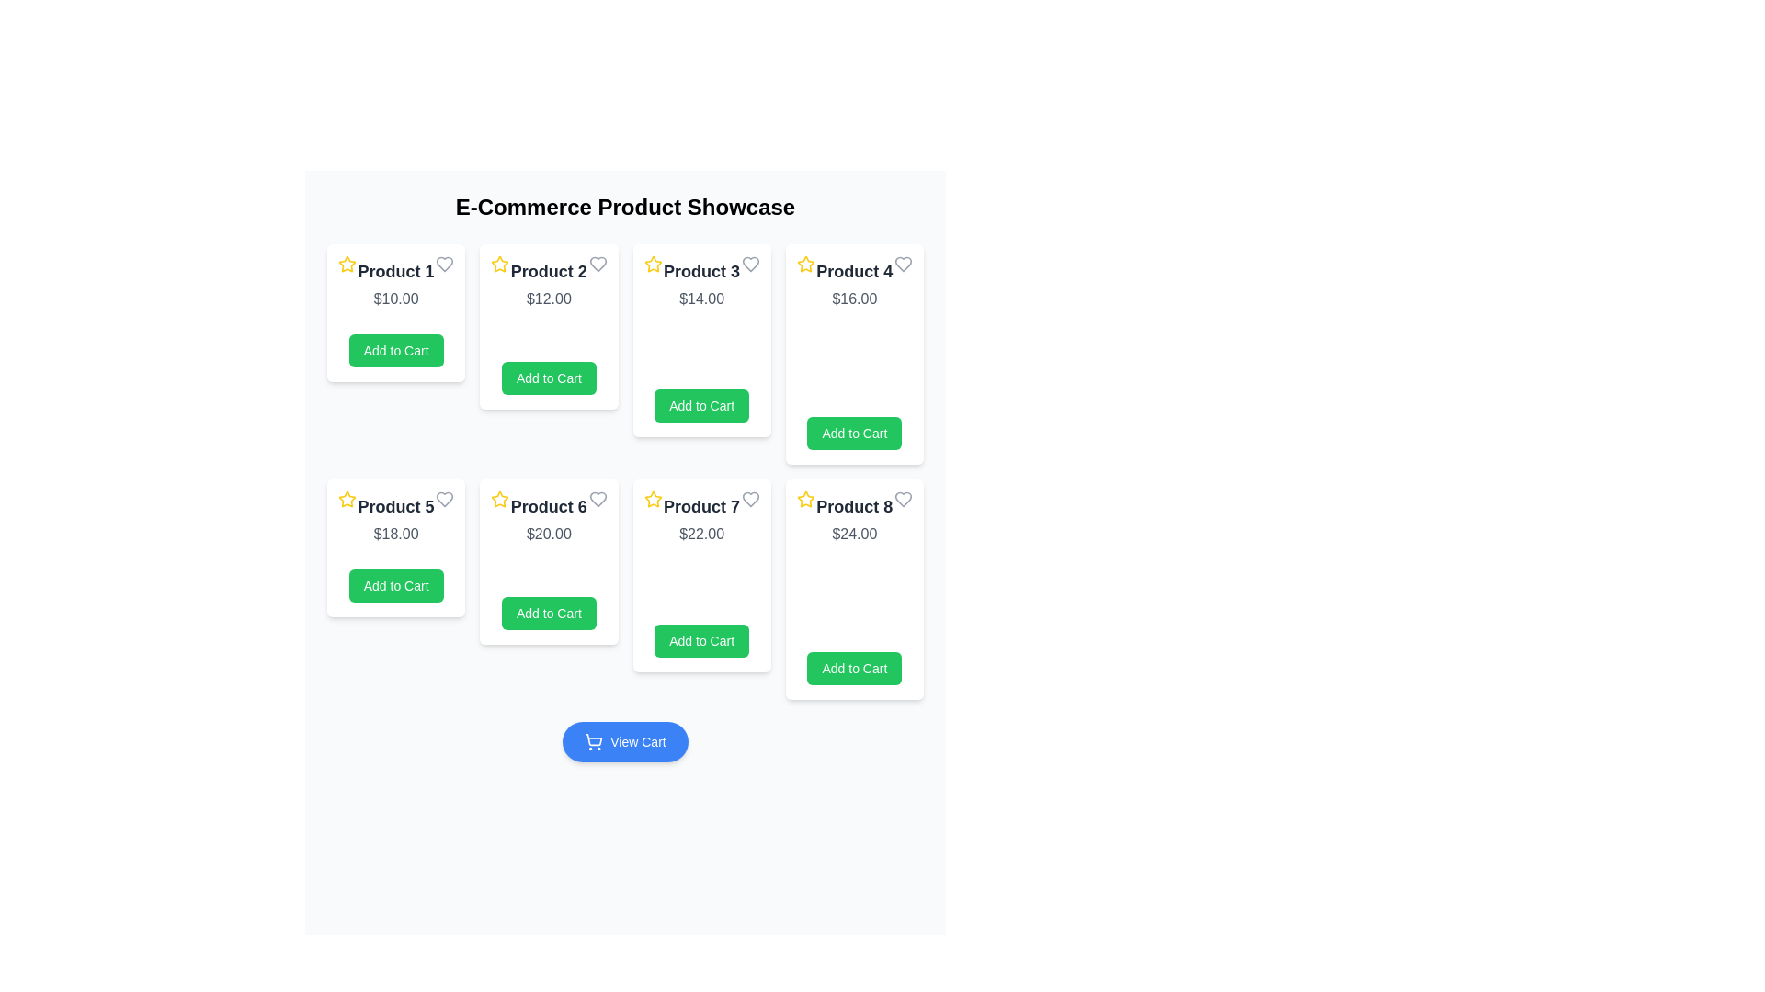 The width and height of the screenshot is (1765, 992). What do you see at coordinates (445, 499) in the screenshot?
I see `the Heart icon button located at the top-right corner of the card displaying 'Product 5'` at bounding box center [445, 499].